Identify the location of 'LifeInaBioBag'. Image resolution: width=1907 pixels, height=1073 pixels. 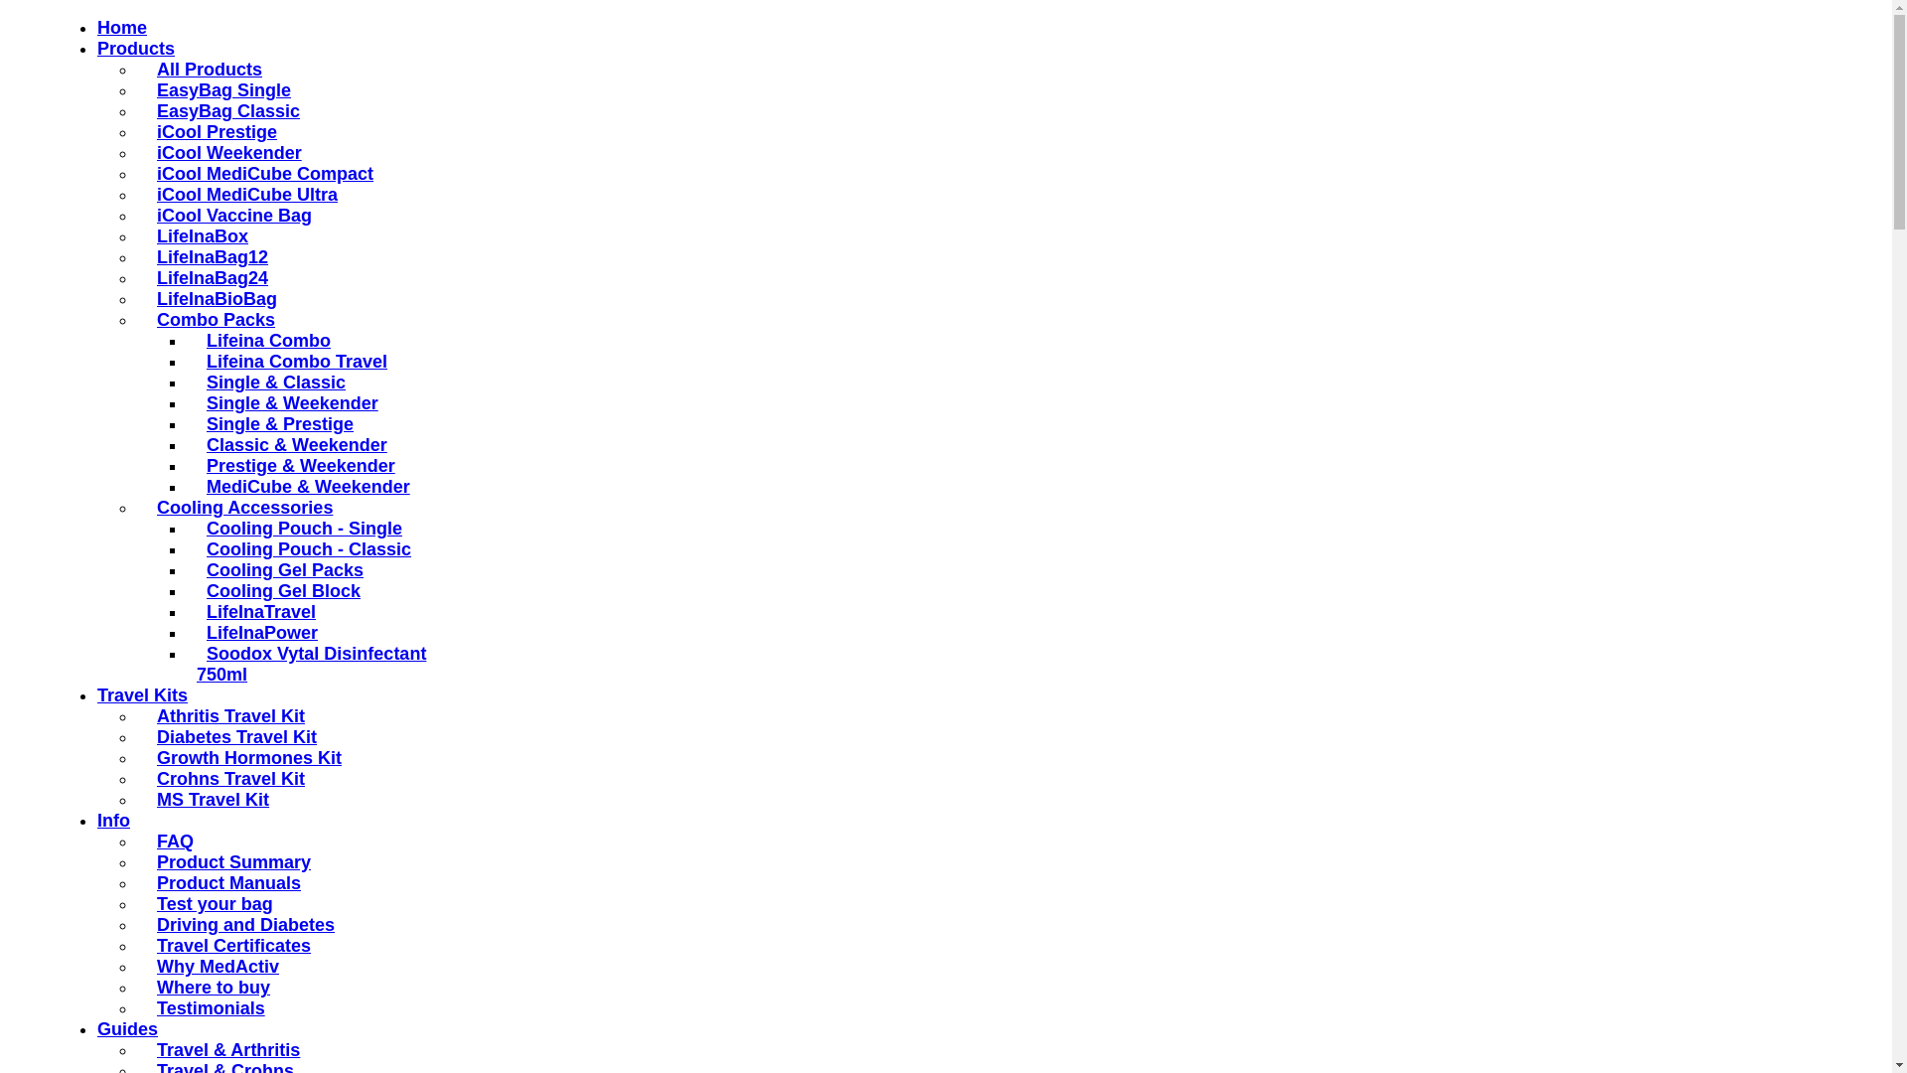
(212, 298).